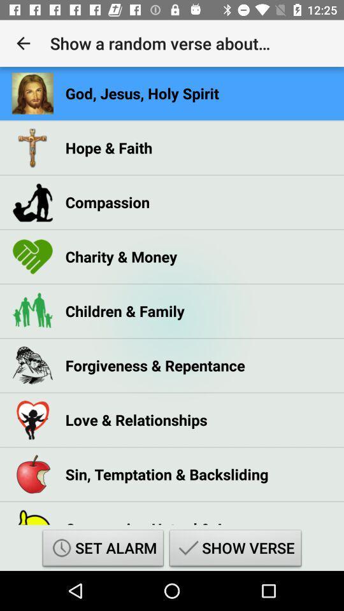 The width and height of the screenshot is (344, 611). Describe the element at coordinates (102, 549) in the screenshot. I see `item next to the show verse icon` at that location.